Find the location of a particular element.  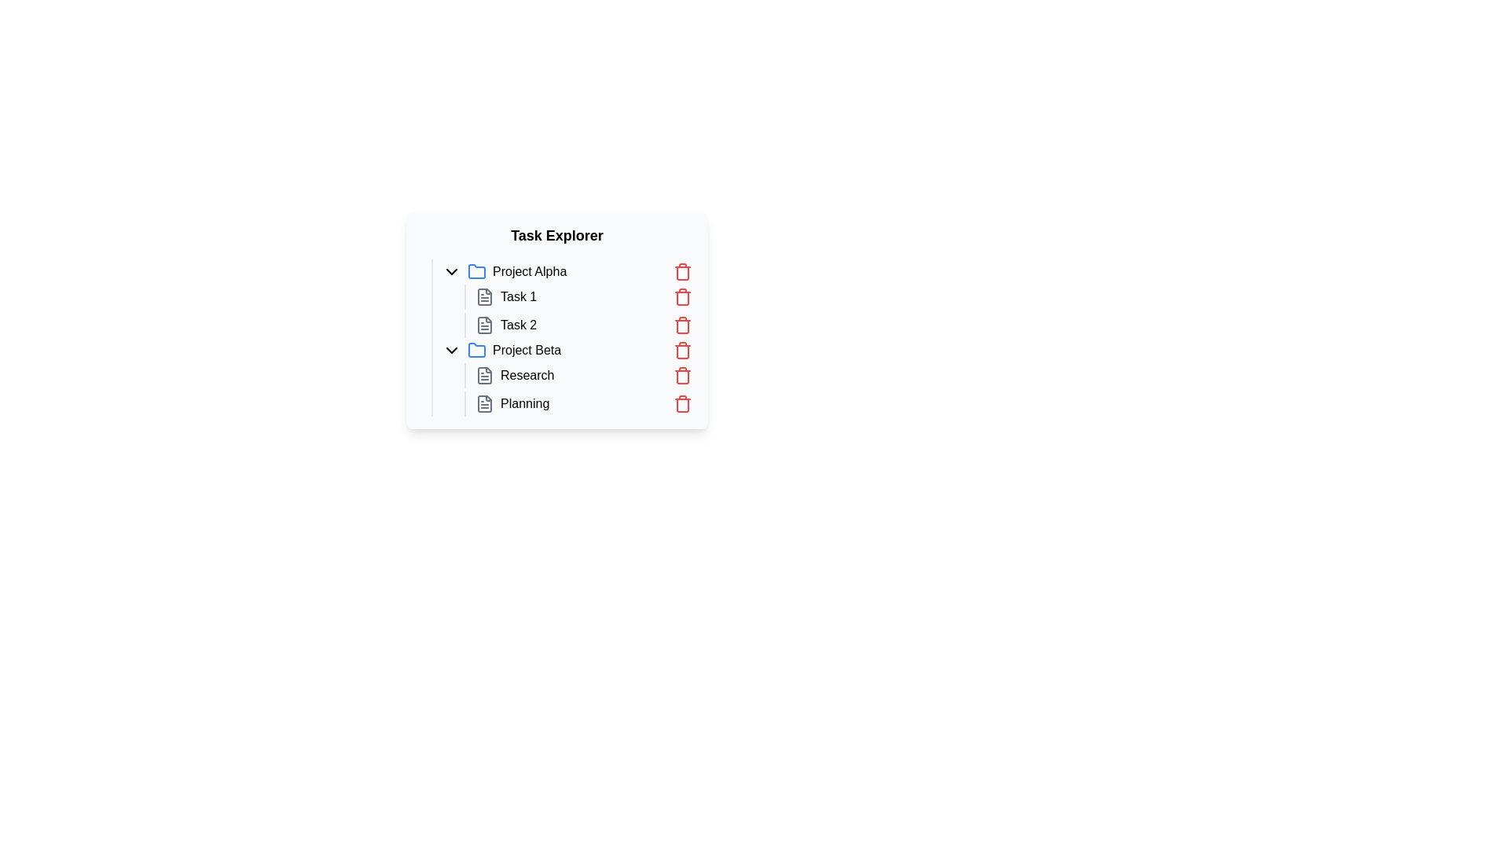

the 'Folder Icon' for 'Project Alpha' is located at coordinates (475, 270).